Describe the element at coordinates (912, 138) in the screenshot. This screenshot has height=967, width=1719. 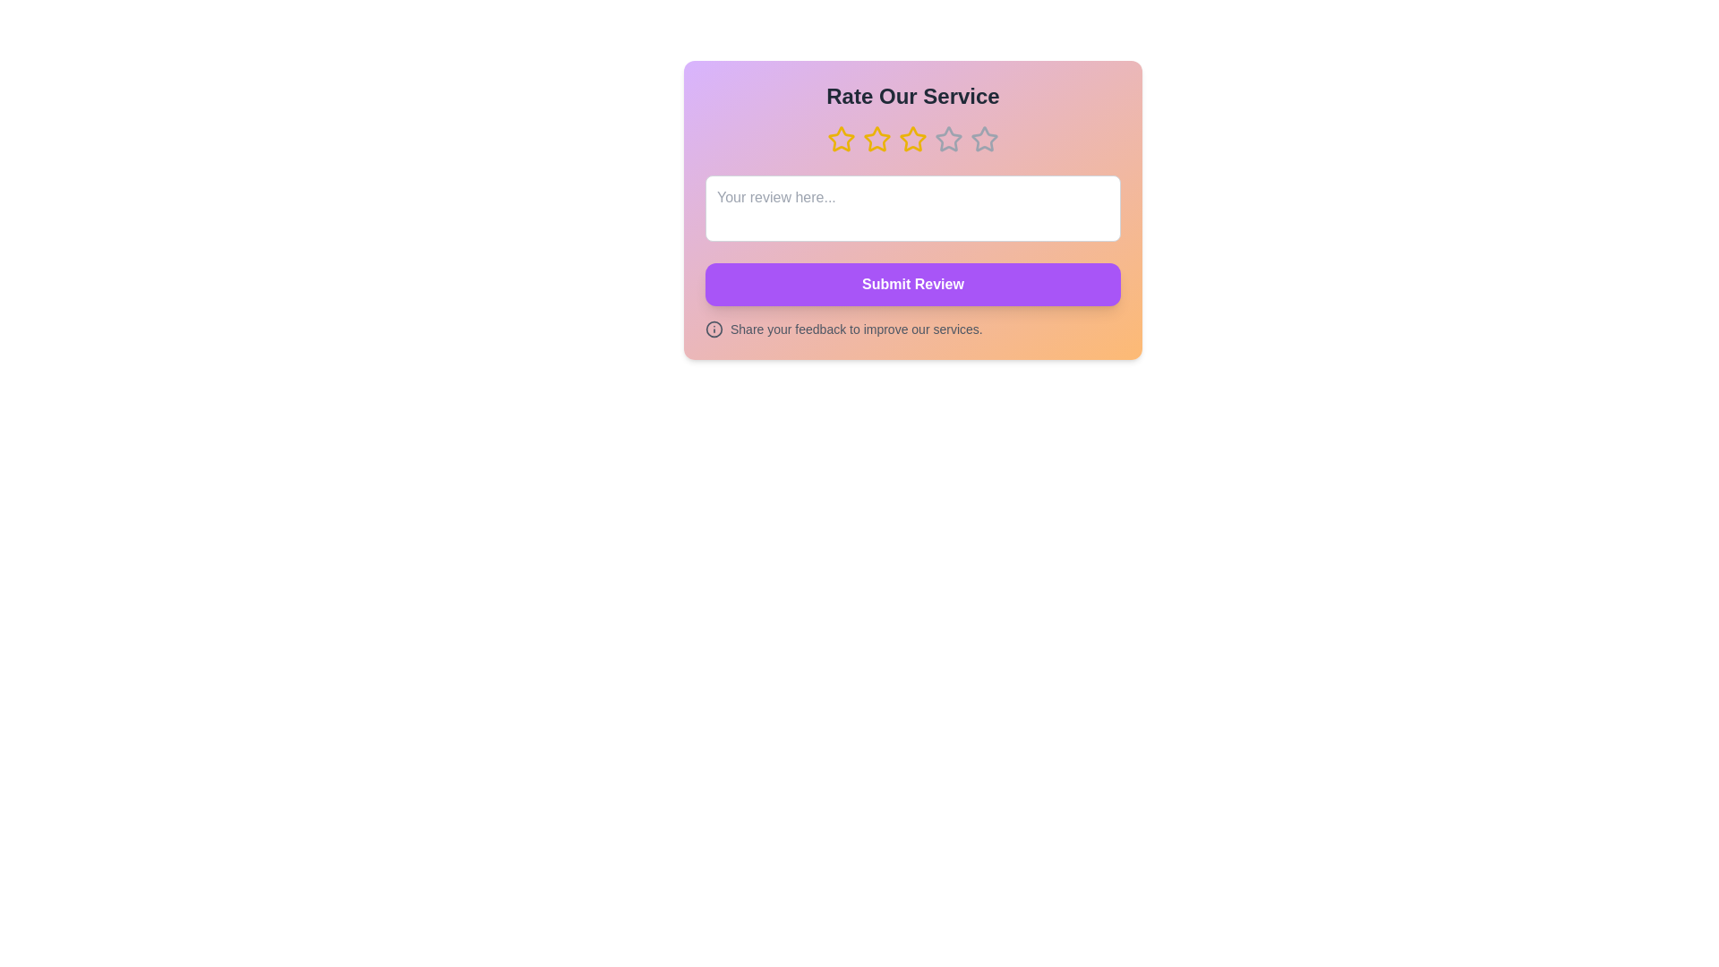
I see `the third star icon used for rating in the feedback form to focus on it` at that location.